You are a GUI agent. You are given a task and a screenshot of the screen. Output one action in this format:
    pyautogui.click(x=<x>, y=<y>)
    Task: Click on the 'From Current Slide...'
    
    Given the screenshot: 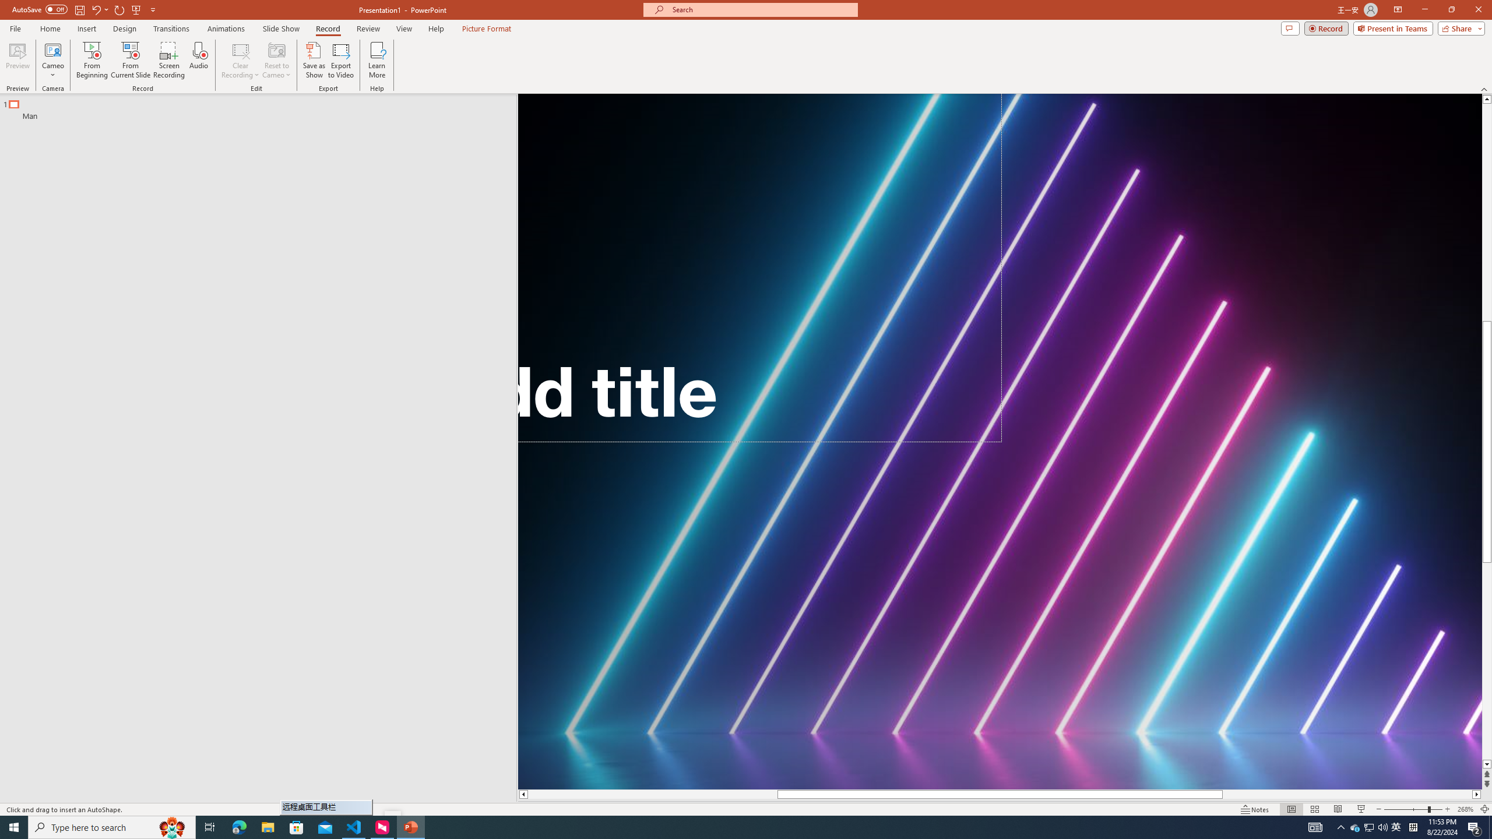 What is the action you would take?
    pyautogui.click(x=131, y=60)
    